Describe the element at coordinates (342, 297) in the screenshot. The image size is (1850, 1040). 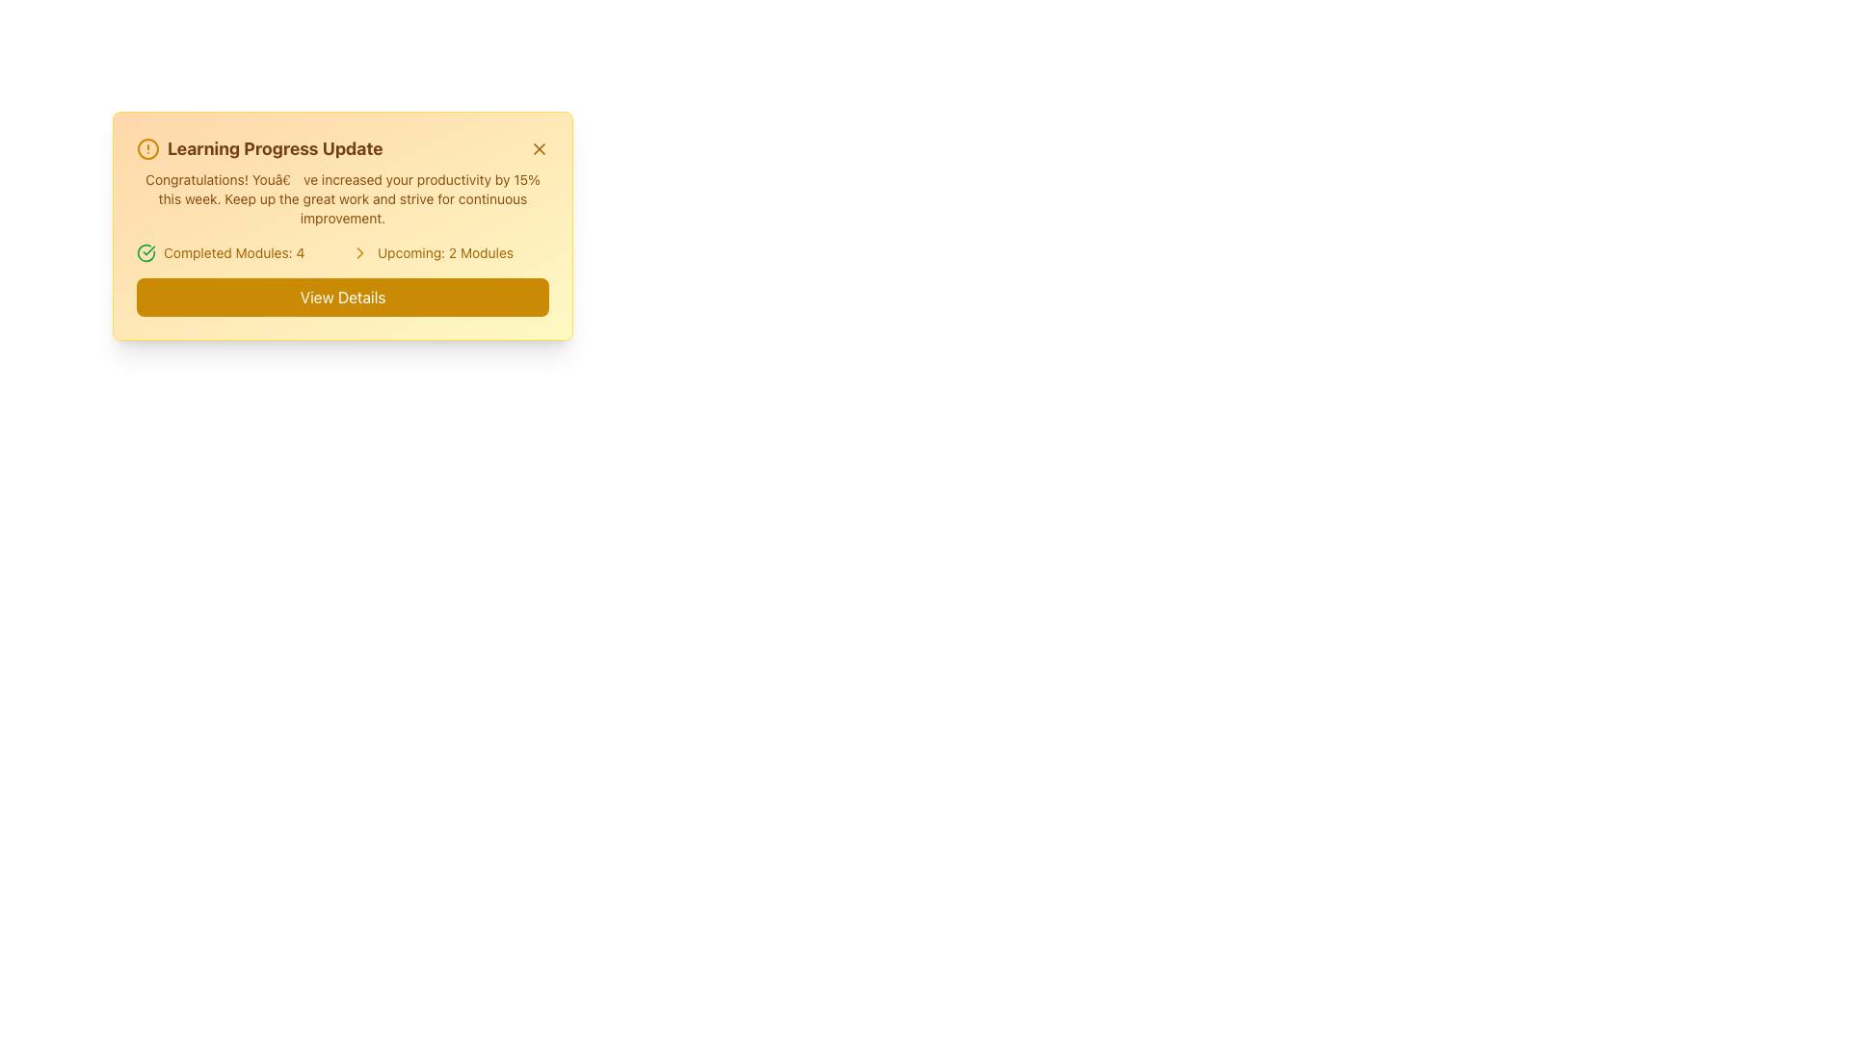
I see `the 'View Details' button, which is a rectangular button with a yellow background and white text, to potentially see additional visual effects` at that location.